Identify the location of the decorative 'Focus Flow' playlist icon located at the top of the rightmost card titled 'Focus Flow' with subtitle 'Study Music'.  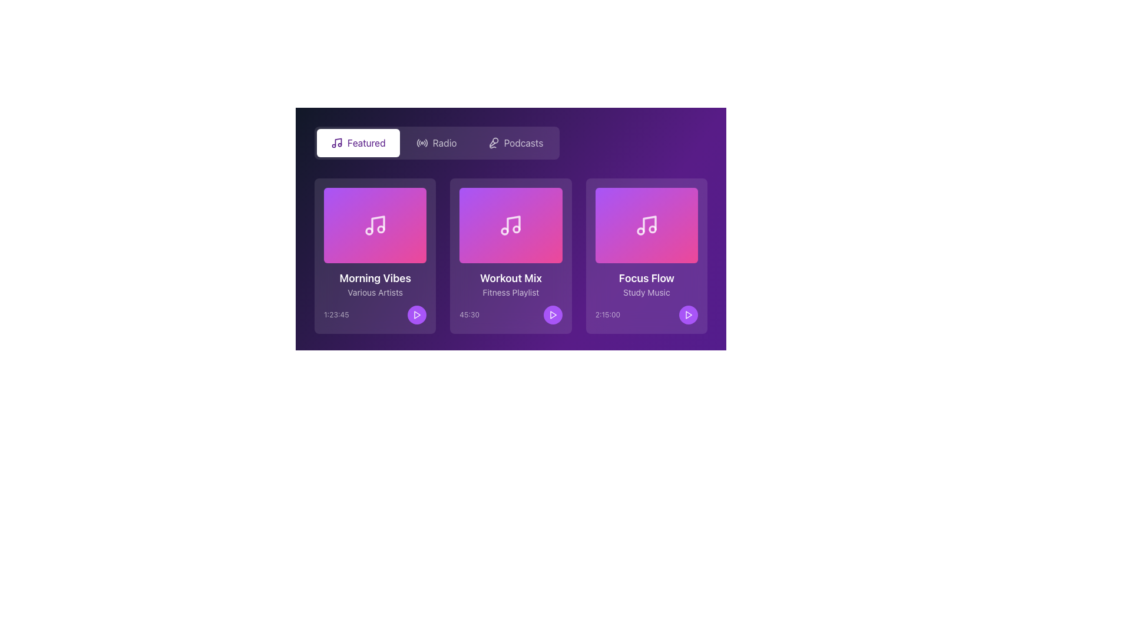
(646, 225).